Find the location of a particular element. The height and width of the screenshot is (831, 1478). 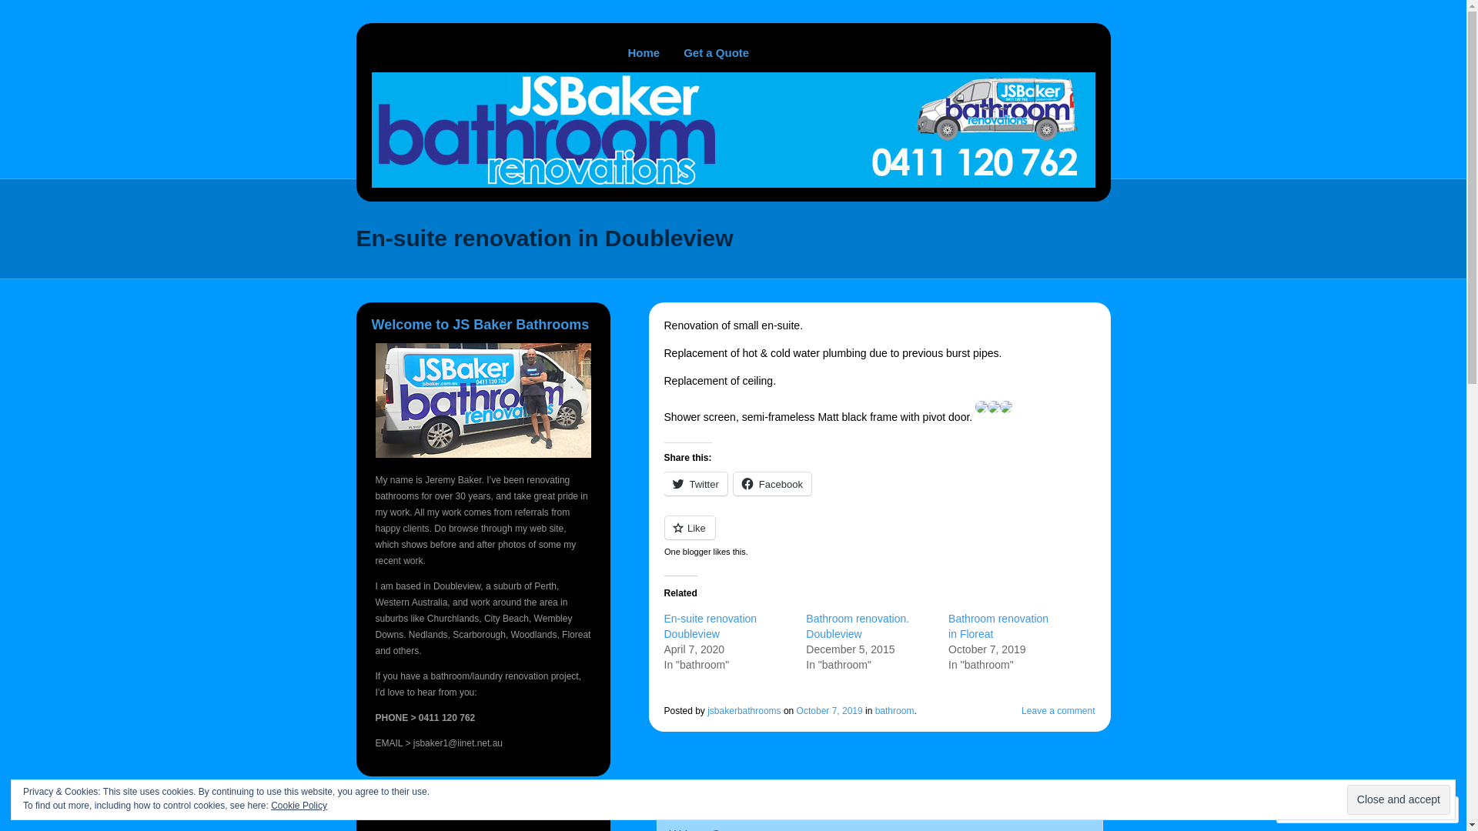

'Get a Quote' is located at coordinates (715, 52).